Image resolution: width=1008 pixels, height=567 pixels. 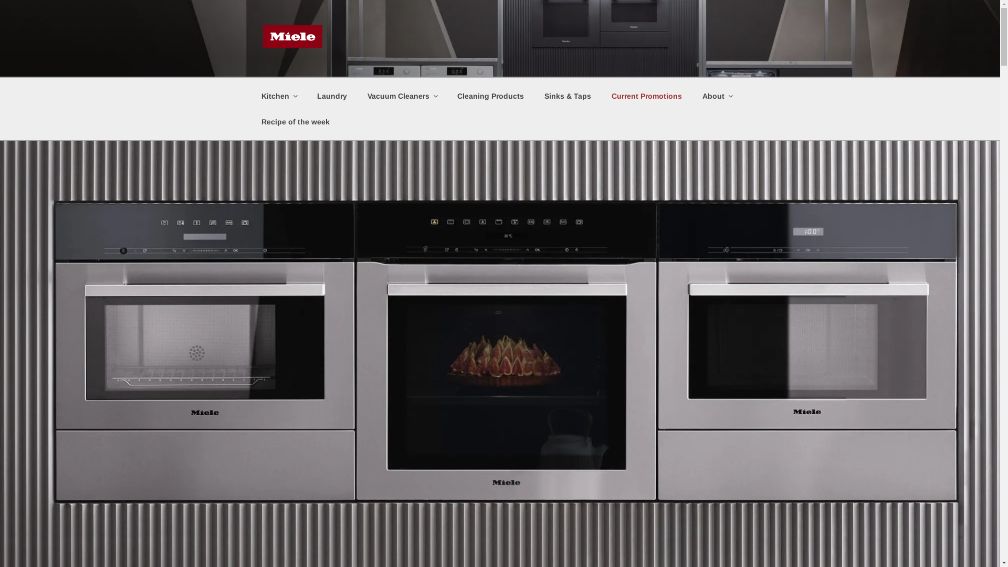 I want to click on 'Sinks & Taps', so click(x=567, y=96).